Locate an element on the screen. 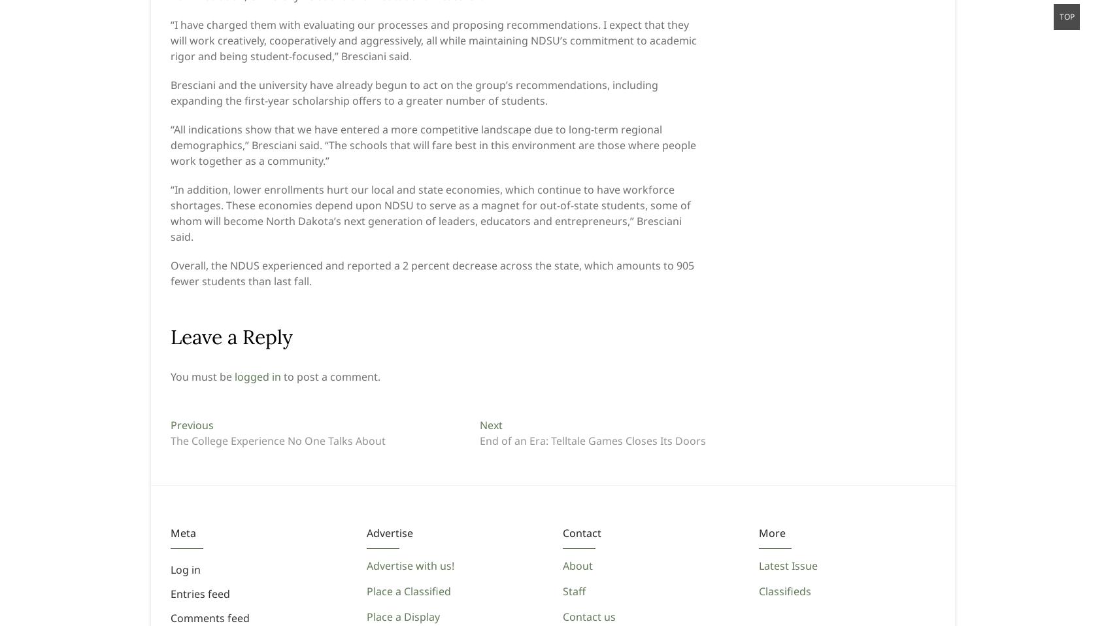 The height and width of the screenshot is (626, 1106). 'Place a Display' is located at coordinates (403, 617).